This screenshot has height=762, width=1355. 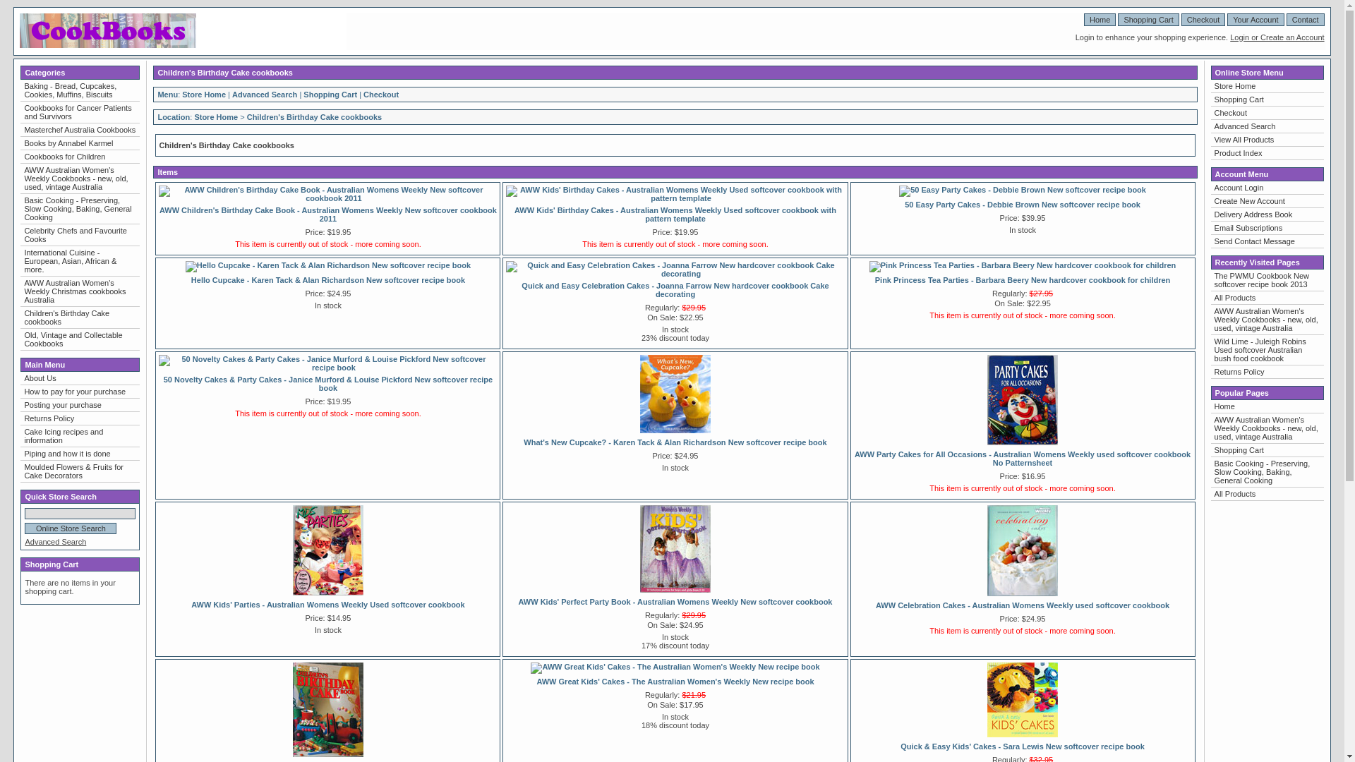 I want to click on 'The PWMU Cookbook New softcover recipe book 2013', so click(x=1267, y=280).